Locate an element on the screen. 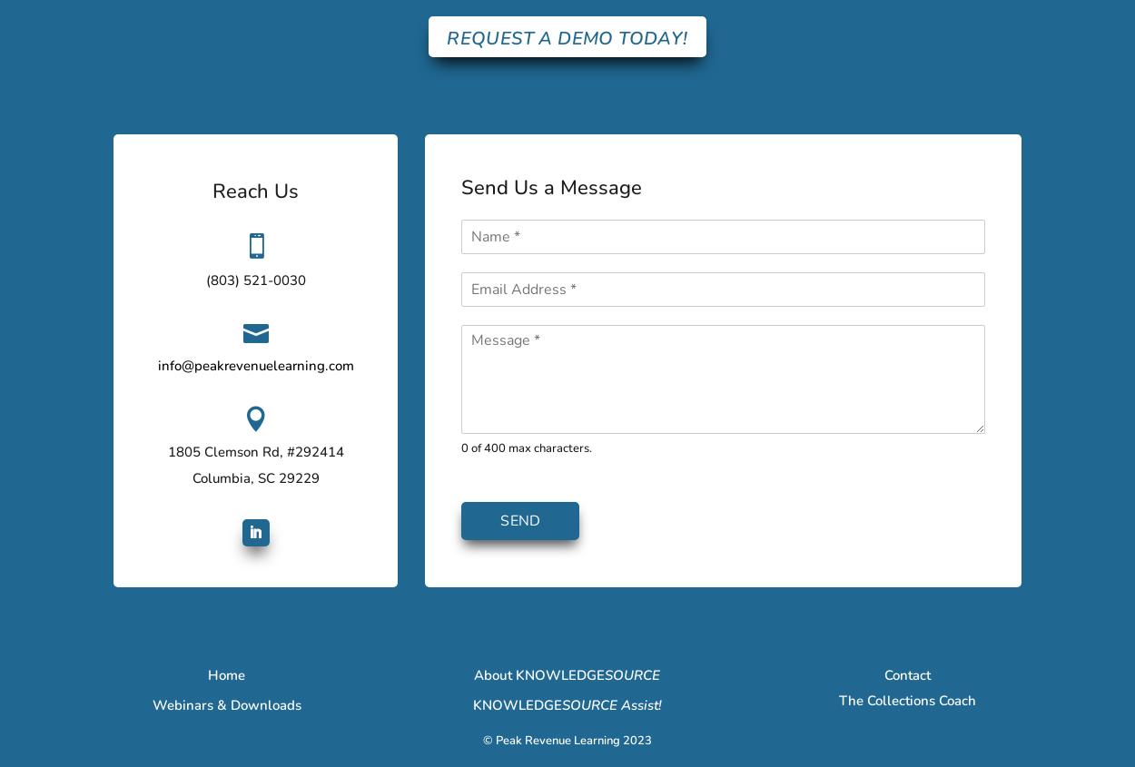 This screenshot has height=767, width=1135. 'The Collections Coach' is located at coordinates (906, 700).